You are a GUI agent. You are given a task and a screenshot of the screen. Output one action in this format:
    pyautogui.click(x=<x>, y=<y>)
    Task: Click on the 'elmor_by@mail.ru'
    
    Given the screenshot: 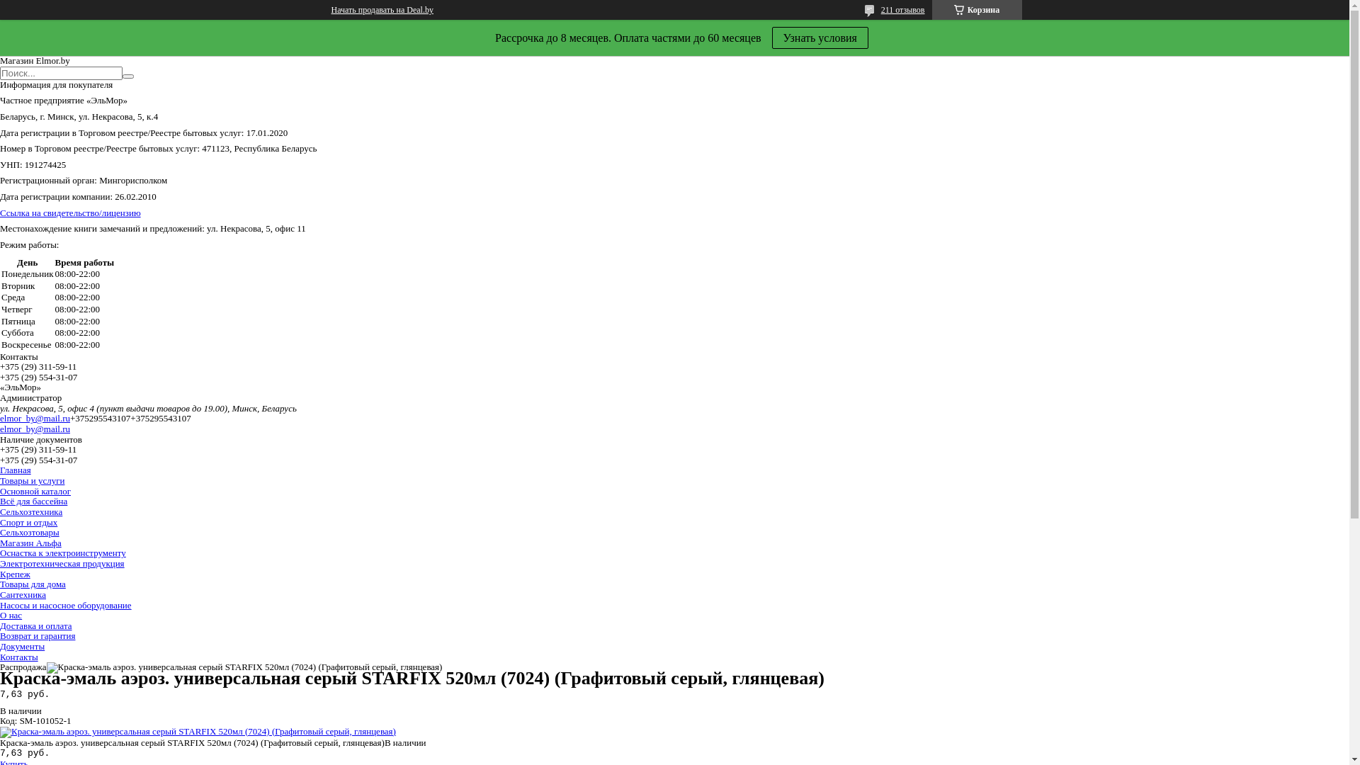 What is the action you would take?
    pyautogui.click(x=0, y=417)
    